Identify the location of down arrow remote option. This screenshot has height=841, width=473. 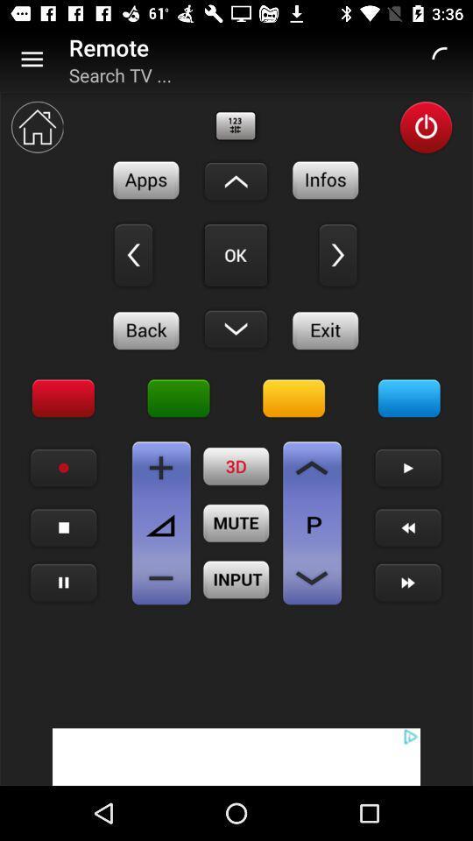
(236, 328).